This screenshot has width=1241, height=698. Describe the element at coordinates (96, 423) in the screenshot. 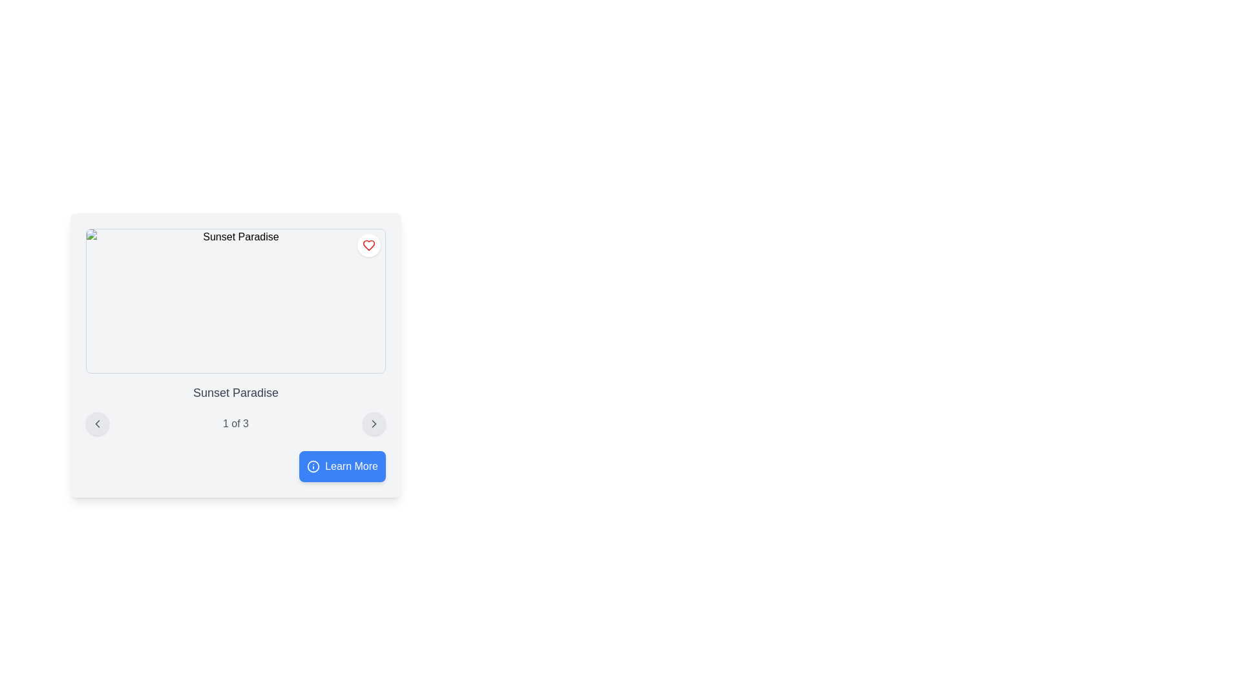

I see `the circular button with a left-pointing chevron icon, located below the 'Sunset Paradise' section` at that location.